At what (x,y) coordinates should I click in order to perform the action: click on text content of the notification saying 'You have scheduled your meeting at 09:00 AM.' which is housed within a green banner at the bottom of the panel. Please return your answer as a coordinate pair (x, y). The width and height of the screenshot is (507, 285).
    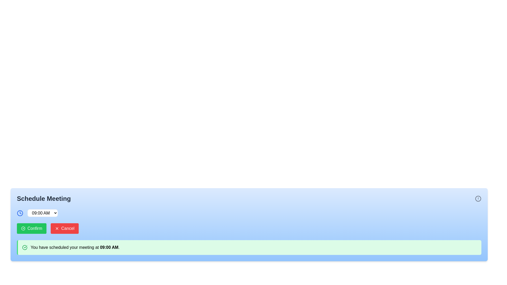
    Looking at the image, I should click on (75, 247).